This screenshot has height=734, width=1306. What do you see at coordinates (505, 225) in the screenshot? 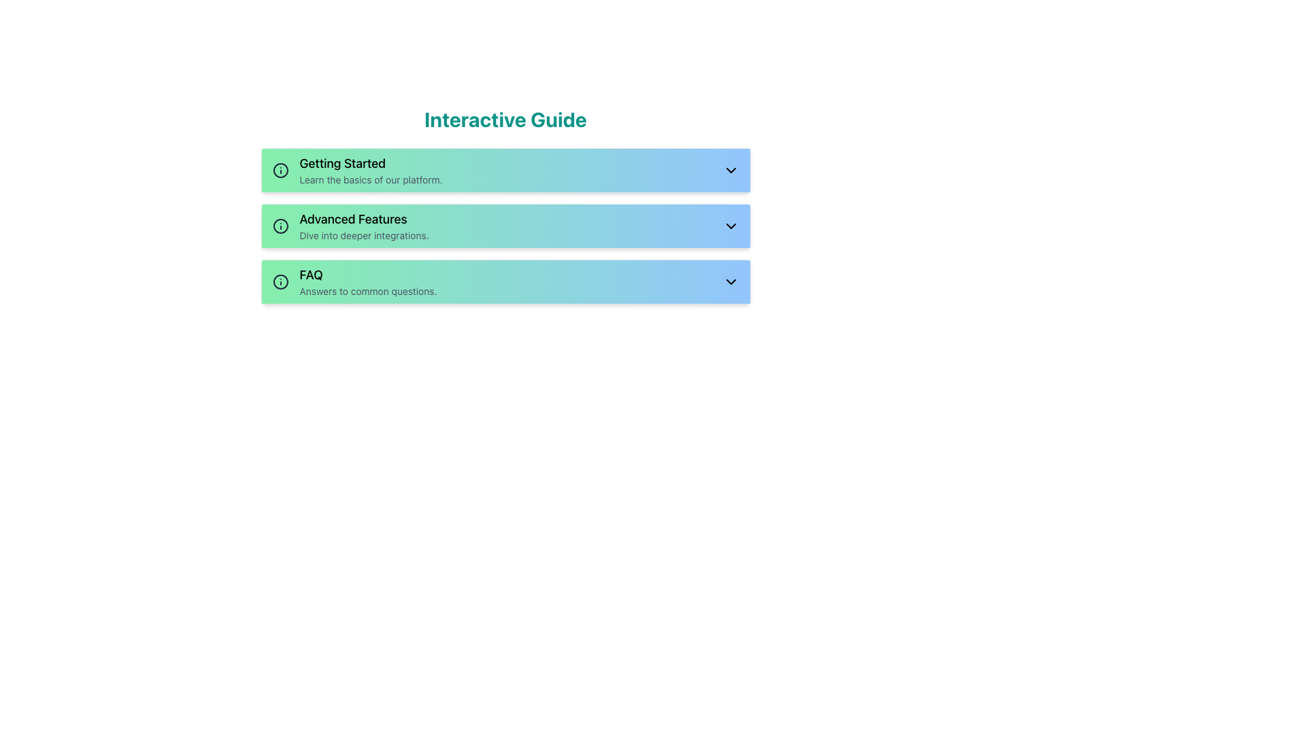
I see `the interactive button that provides access to advanced features and integrations, which is the second item in the vertically stacked list` at bounding box center [505, 225].